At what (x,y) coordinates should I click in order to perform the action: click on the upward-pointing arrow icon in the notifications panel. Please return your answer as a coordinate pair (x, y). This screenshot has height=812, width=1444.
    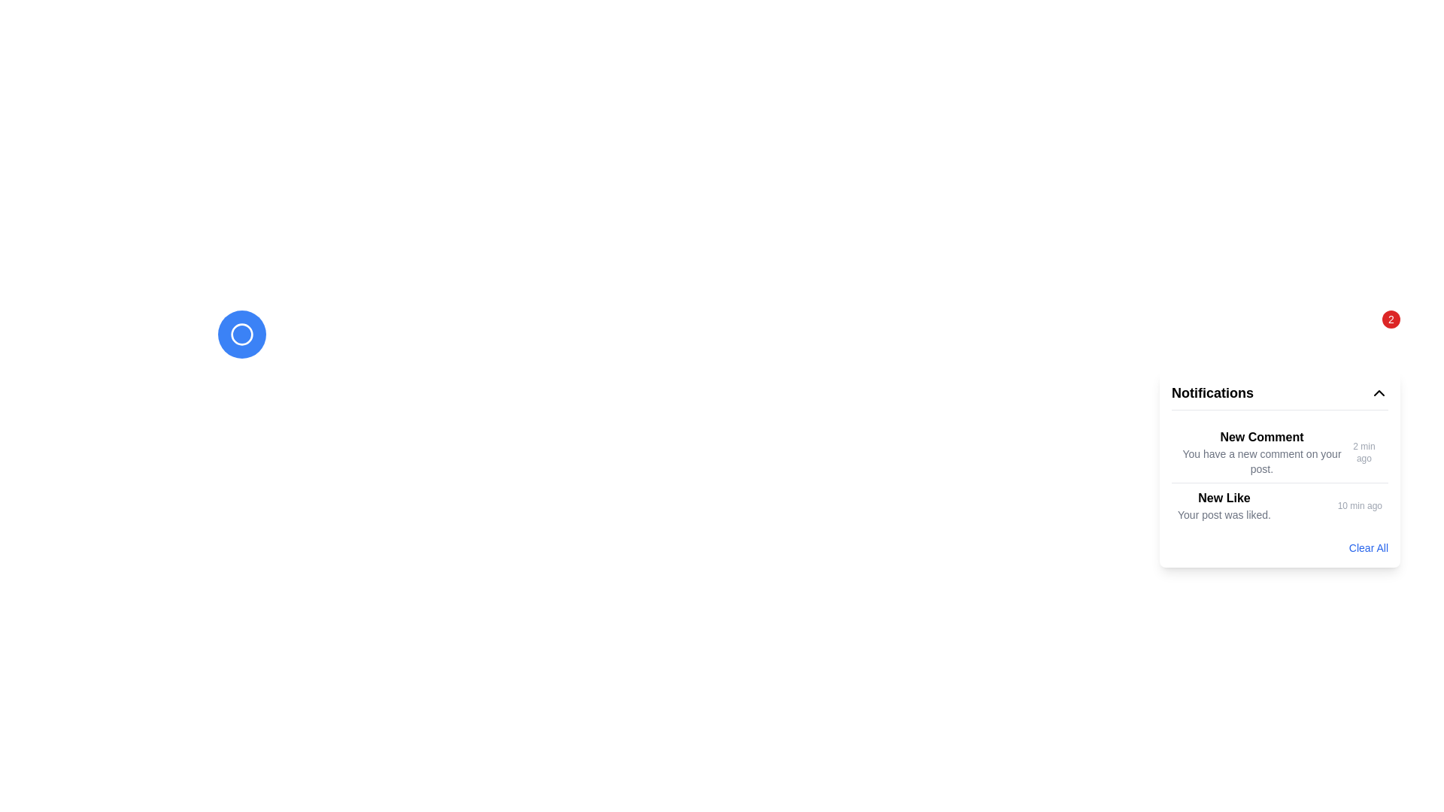
    Looking at the image, I should click on (1379, 392).